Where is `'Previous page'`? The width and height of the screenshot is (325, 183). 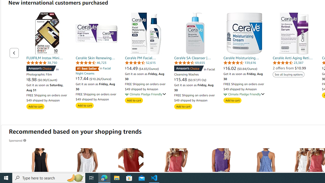 'Previous page' is located at coordinates (14, 53).